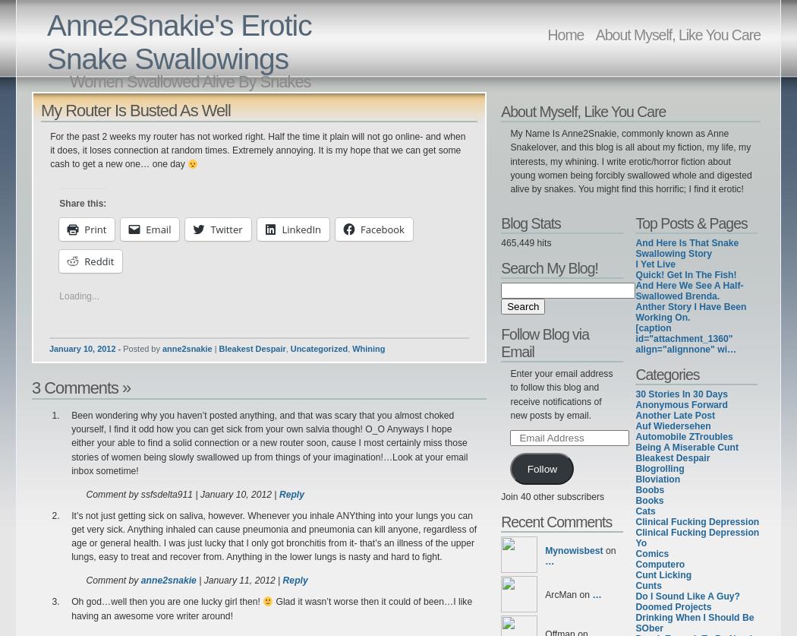 Image resolution: width=797 pixels, height=636 pixels. I want to click on 'January 10, 2012', so click(82, 347).